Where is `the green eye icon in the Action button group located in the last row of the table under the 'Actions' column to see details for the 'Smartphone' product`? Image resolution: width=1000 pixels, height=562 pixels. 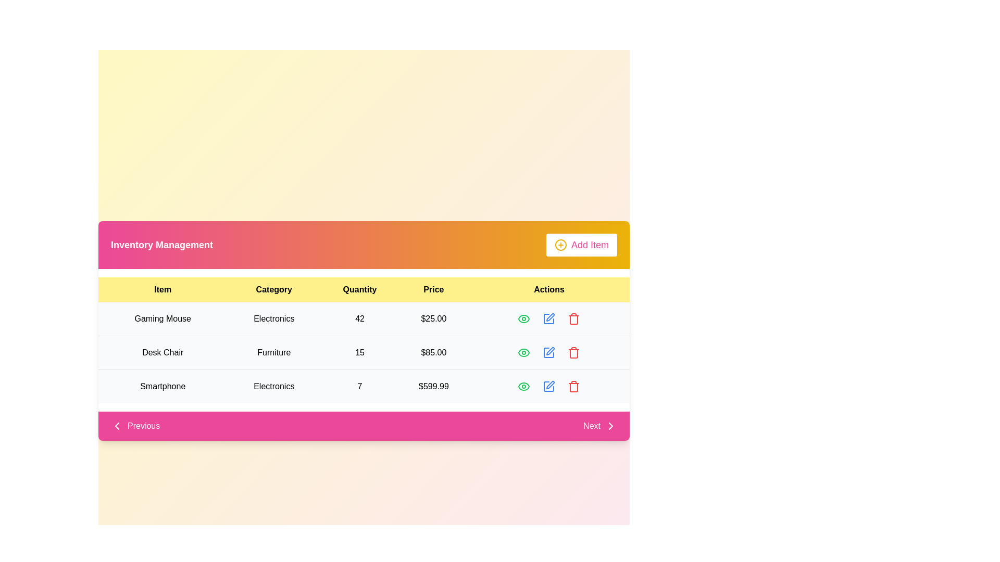
the green eye icon in the Action button group located in the last row of the table under the 'Actions' column to see details for the 'Smartphone' product is located at coordinates (548, 387).